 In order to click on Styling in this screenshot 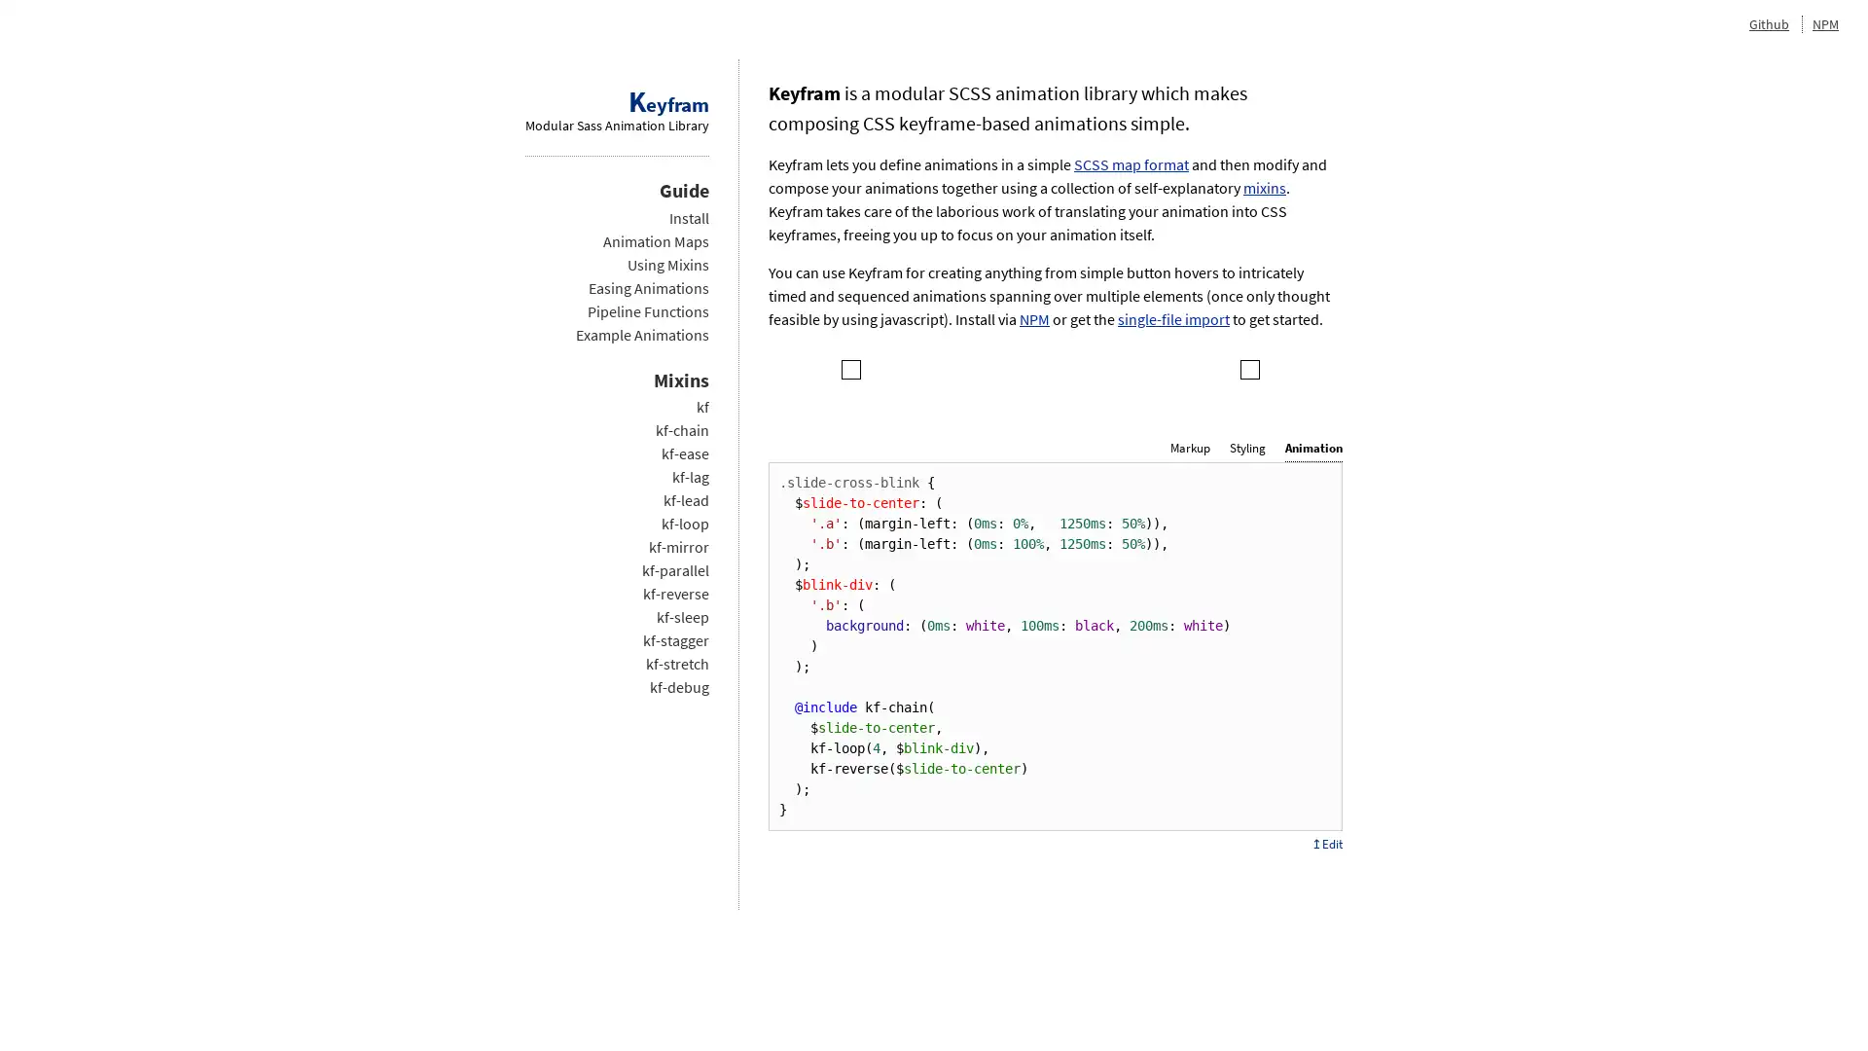, I will do `click(1247, 448)`.